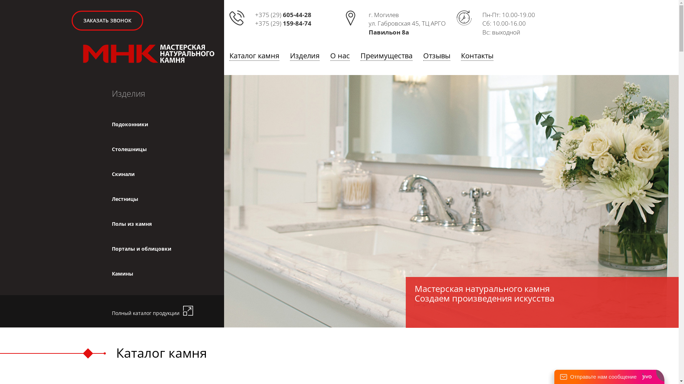 This screenshot has width=684, height=384. I want to click on '+375 (29) 159-84-74', so click(283, 23).